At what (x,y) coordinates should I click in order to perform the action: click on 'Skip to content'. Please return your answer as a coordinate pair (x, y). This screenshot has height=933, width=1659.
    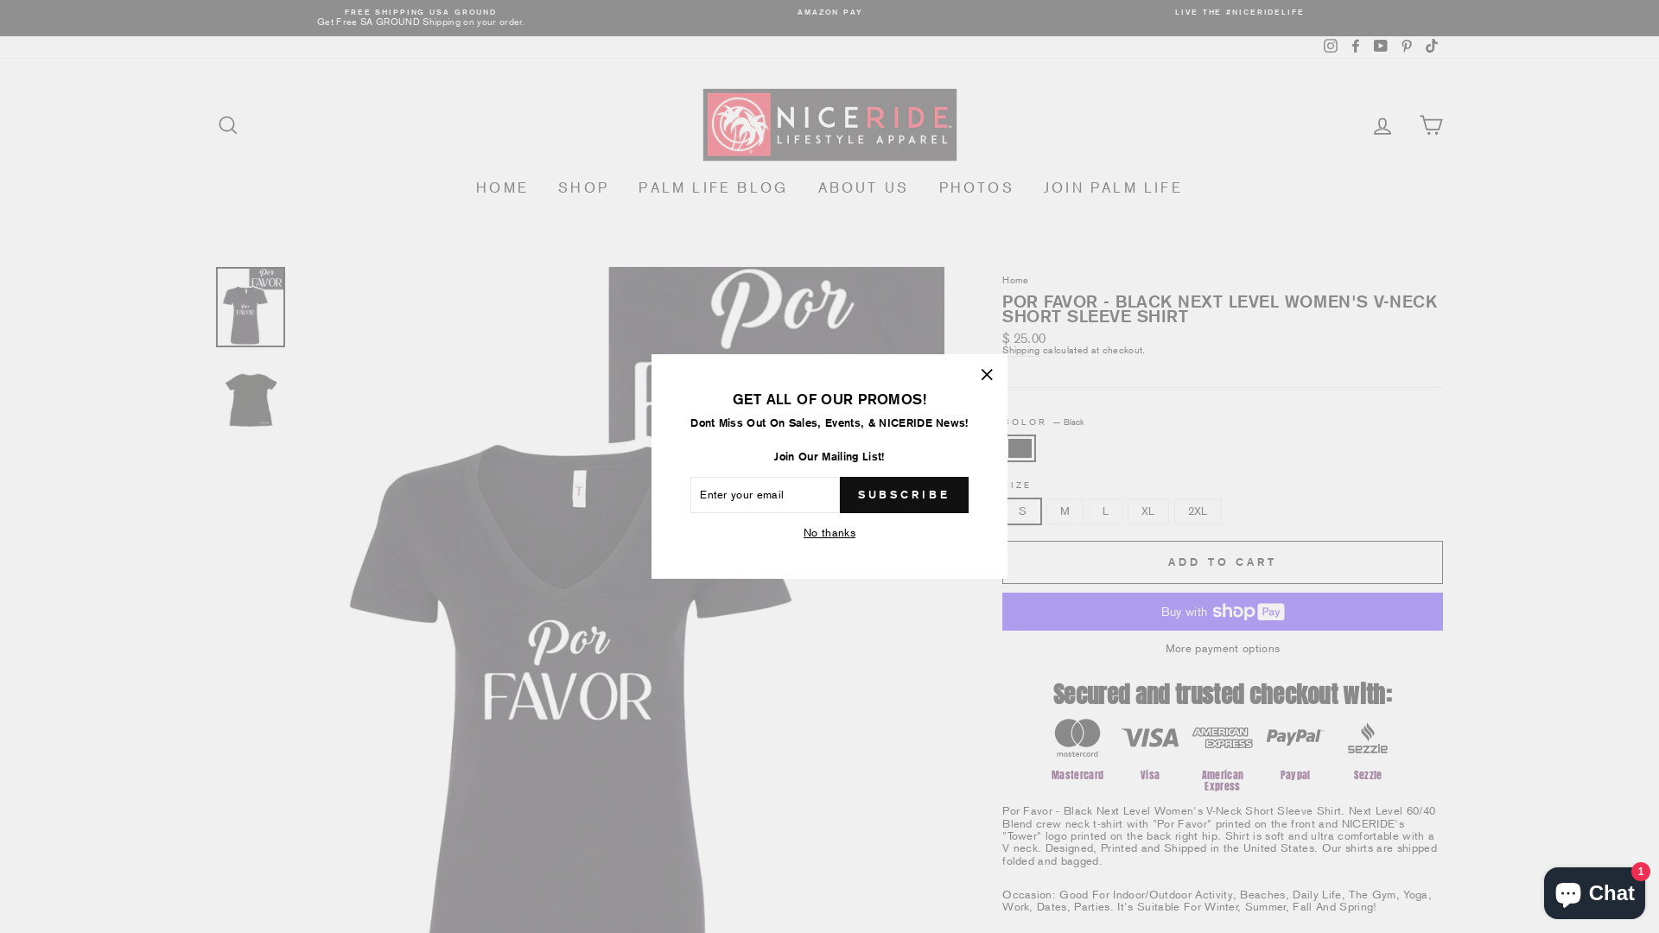
    Looking at the image, I should click on (0, 0).